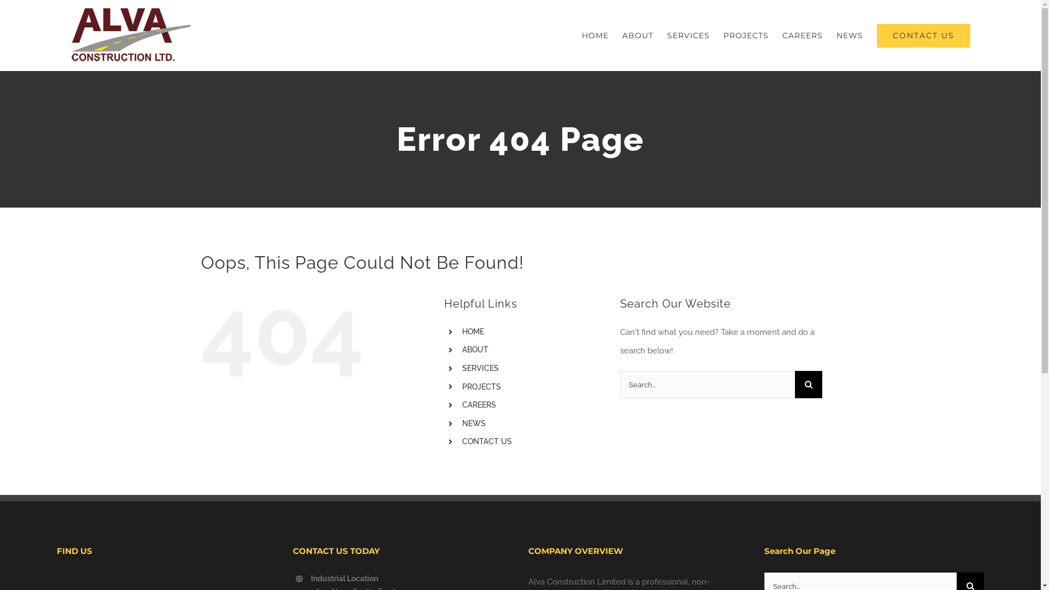 The width and height of the screenshot is (1049, 590). What do you see at coordinates (462, 350) in the screenshot?
I see `'ABOUT'` at bounding box center [462, 350].